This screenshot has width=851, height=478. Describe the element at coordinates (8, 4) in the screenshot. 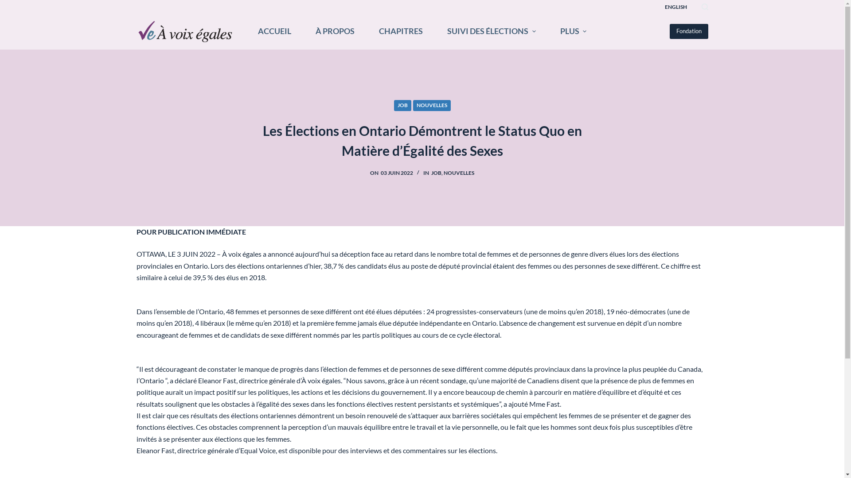

I see `'Skip to content'` at that location.